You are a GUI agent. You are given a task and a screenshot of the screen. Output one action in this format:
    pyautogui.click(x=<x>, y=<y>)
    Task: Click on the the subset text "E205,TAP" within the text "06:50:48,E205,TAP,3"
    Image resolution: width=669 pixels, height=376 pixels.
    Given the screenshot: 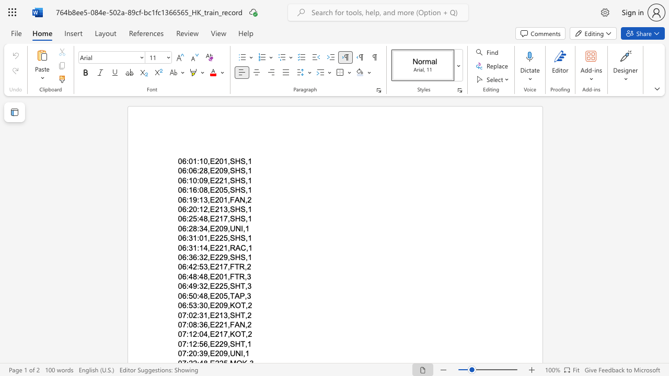 What is the action you would take?
    pyautogui.click(x=209, y=296)
    